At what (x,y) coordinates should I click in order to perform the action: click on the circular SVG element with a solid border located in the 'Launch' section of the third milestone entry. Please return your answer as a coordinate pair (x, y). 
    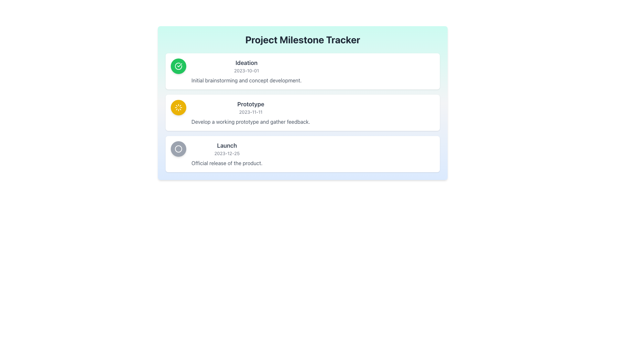
    Looking at the image, I should click on (179, 149).